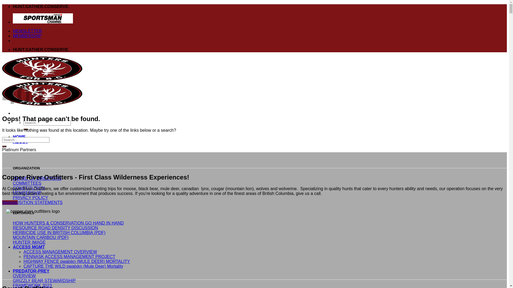 This screenshot has height=288, width=513. Describe the element at coordinates (23, 252) in the screenshot. I see `'ACCESS MANAGEMENT OVERVIEW'` at that location.